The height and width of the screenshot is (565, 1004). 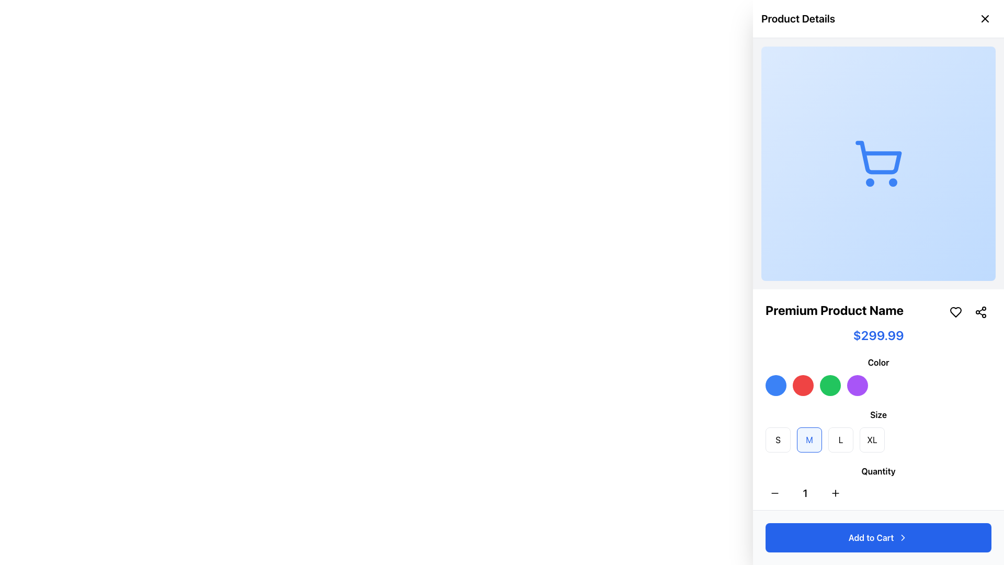 What do you see at coordinates (835, 493) in the screenshot?
I see `the button that adds or increases the selected quantity of the product displayed in the product details interface, located near the bottom-right corner under the 'Quantity' section` at bounding box center [835, 493].